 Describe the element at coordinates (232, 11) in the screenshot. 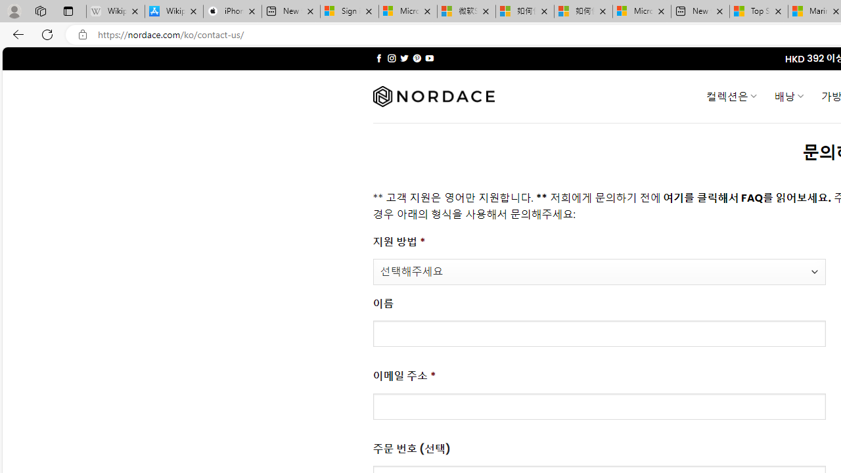

I see `'iPhone - Apple'` at that location.